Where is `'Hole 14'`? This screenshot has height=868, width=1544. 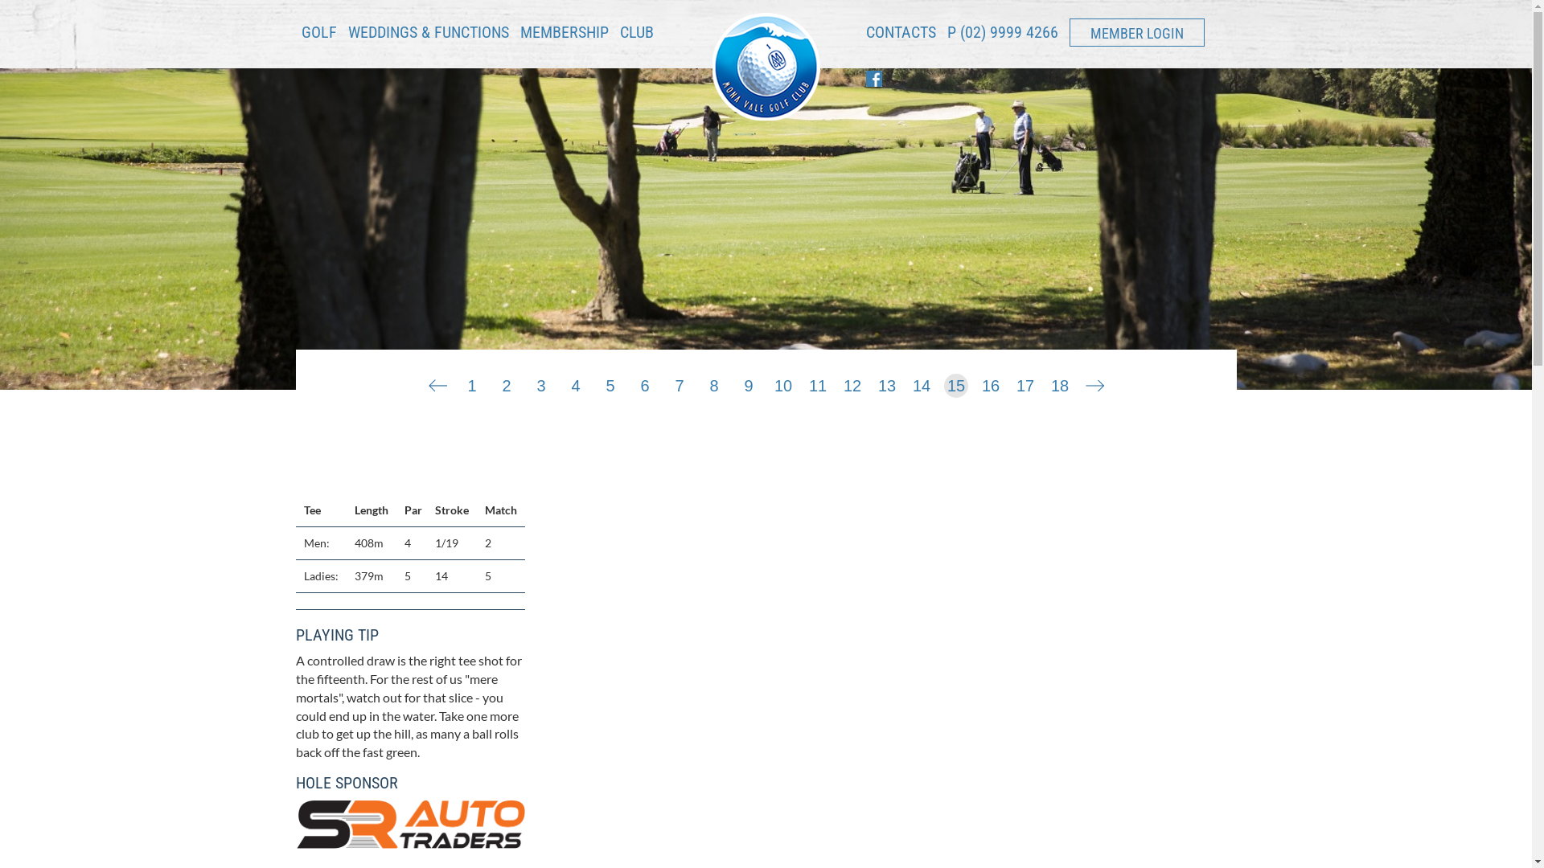 'Hole 14' is located at coordinates (437, 382).